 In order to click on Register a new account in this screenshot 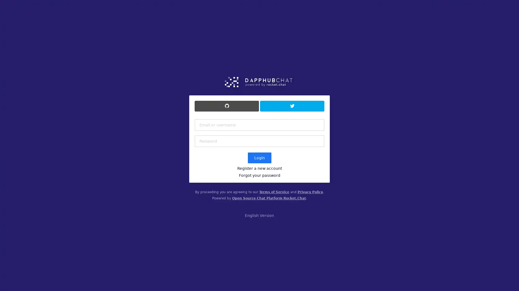, I will do `click(259, 168)`.